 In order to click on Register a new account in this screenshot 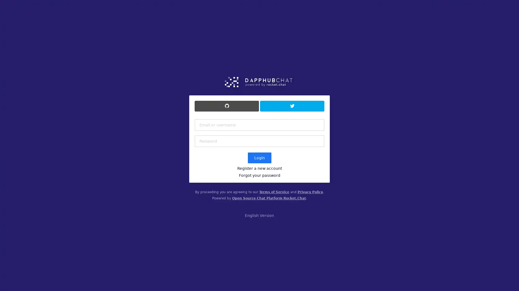, I will do `click(259, 168)`.